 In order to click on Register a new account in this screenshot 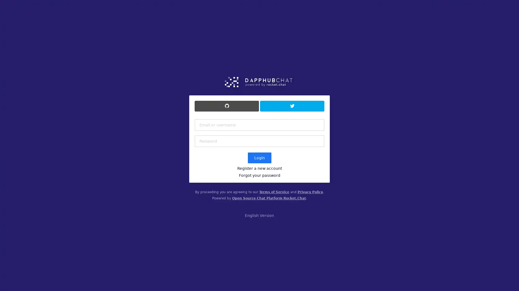, I will do `click(259, 168)`.